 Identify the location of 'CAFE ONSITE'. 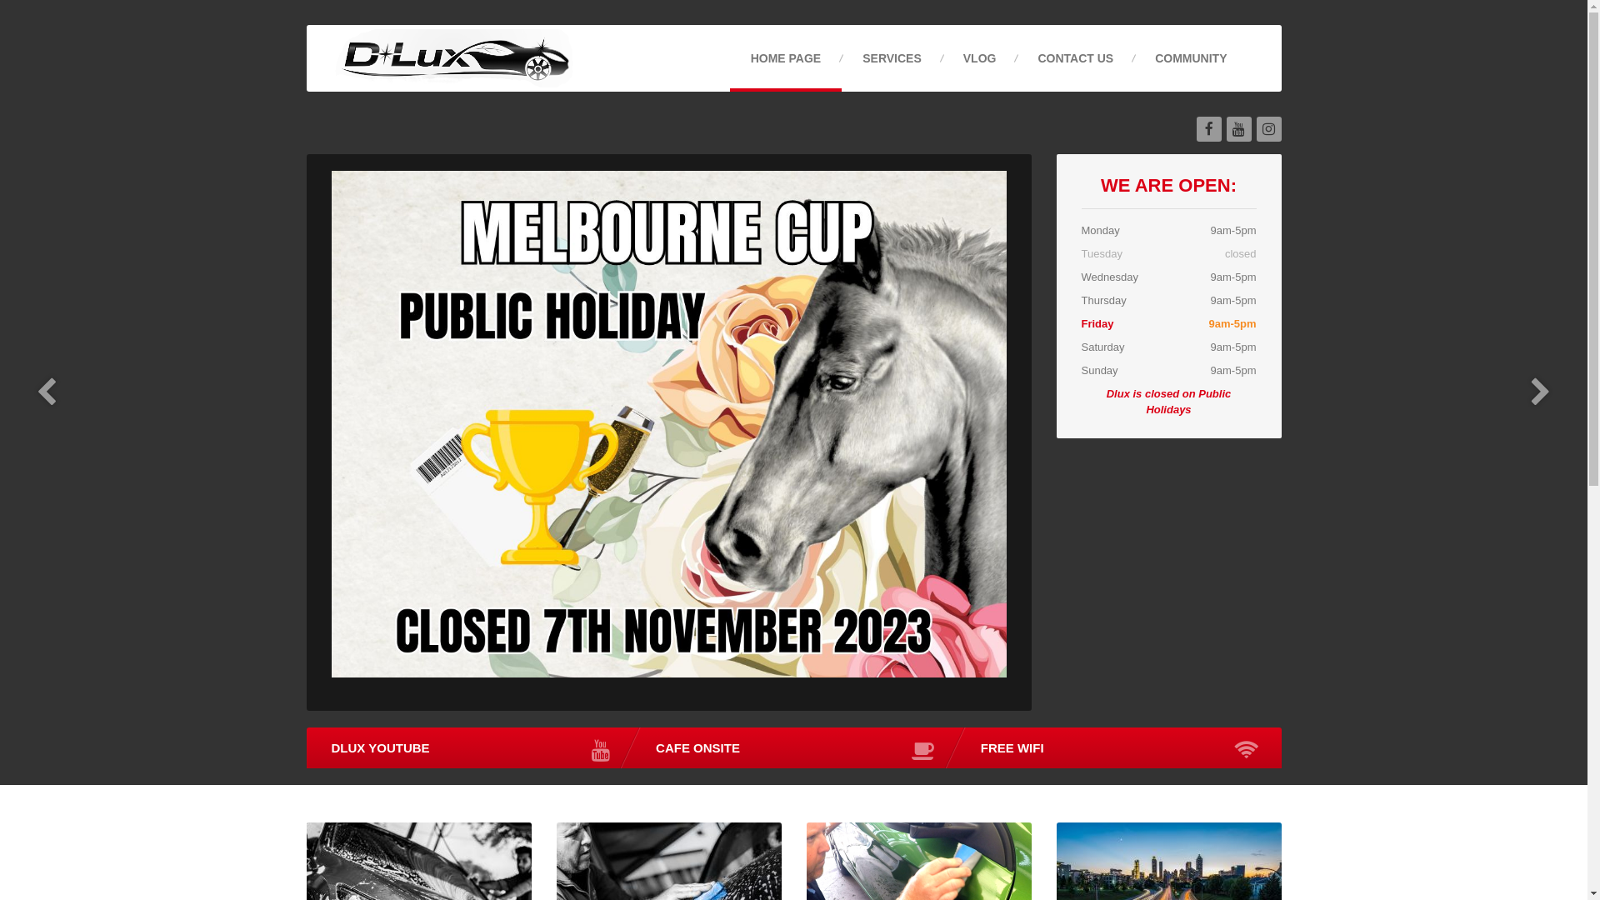
(792, 747).